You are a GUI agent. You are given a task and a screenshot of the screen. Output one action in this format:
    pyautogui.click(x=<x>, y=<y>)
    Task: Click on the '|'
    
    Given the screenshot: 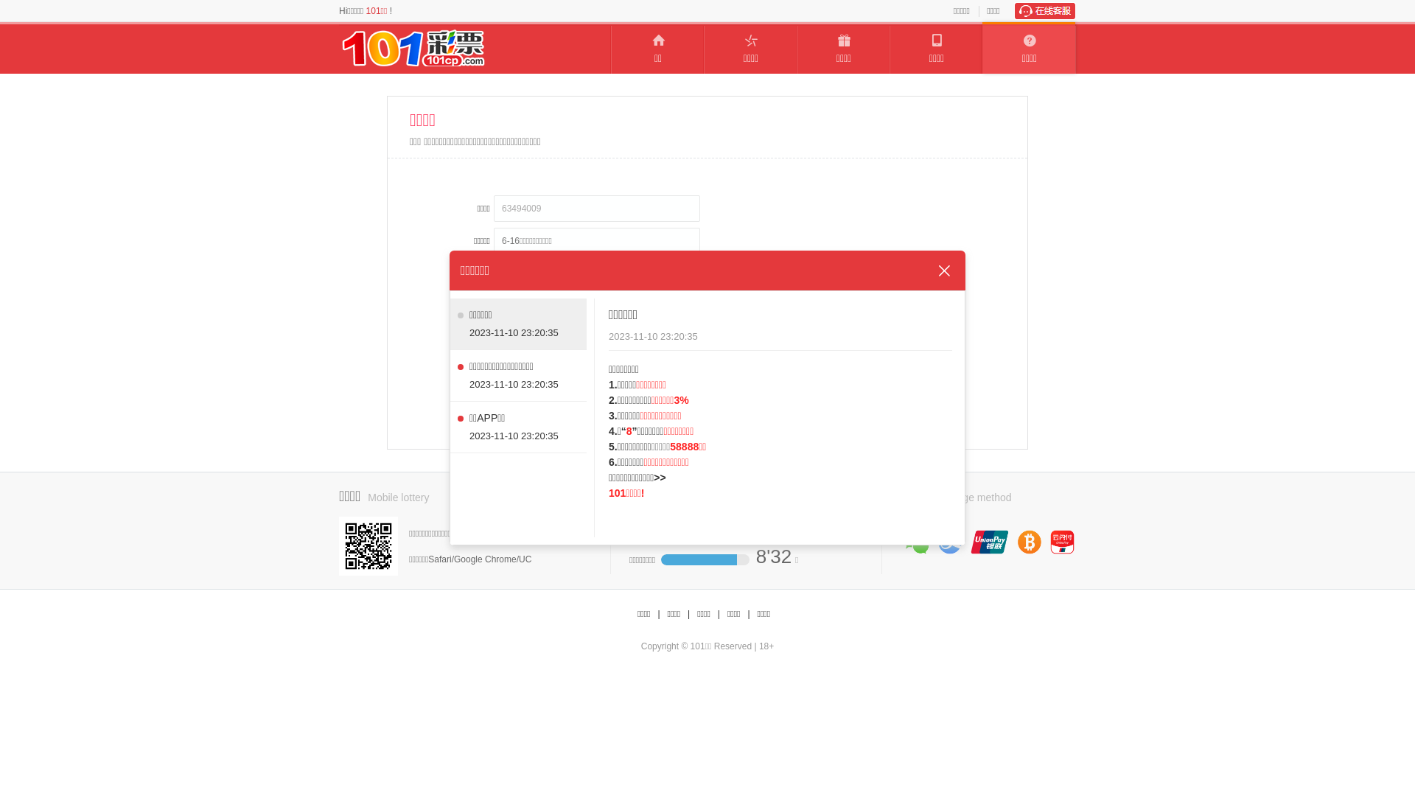 What is the action you would take?
    pyautogui.click(x=688, y=614)
    